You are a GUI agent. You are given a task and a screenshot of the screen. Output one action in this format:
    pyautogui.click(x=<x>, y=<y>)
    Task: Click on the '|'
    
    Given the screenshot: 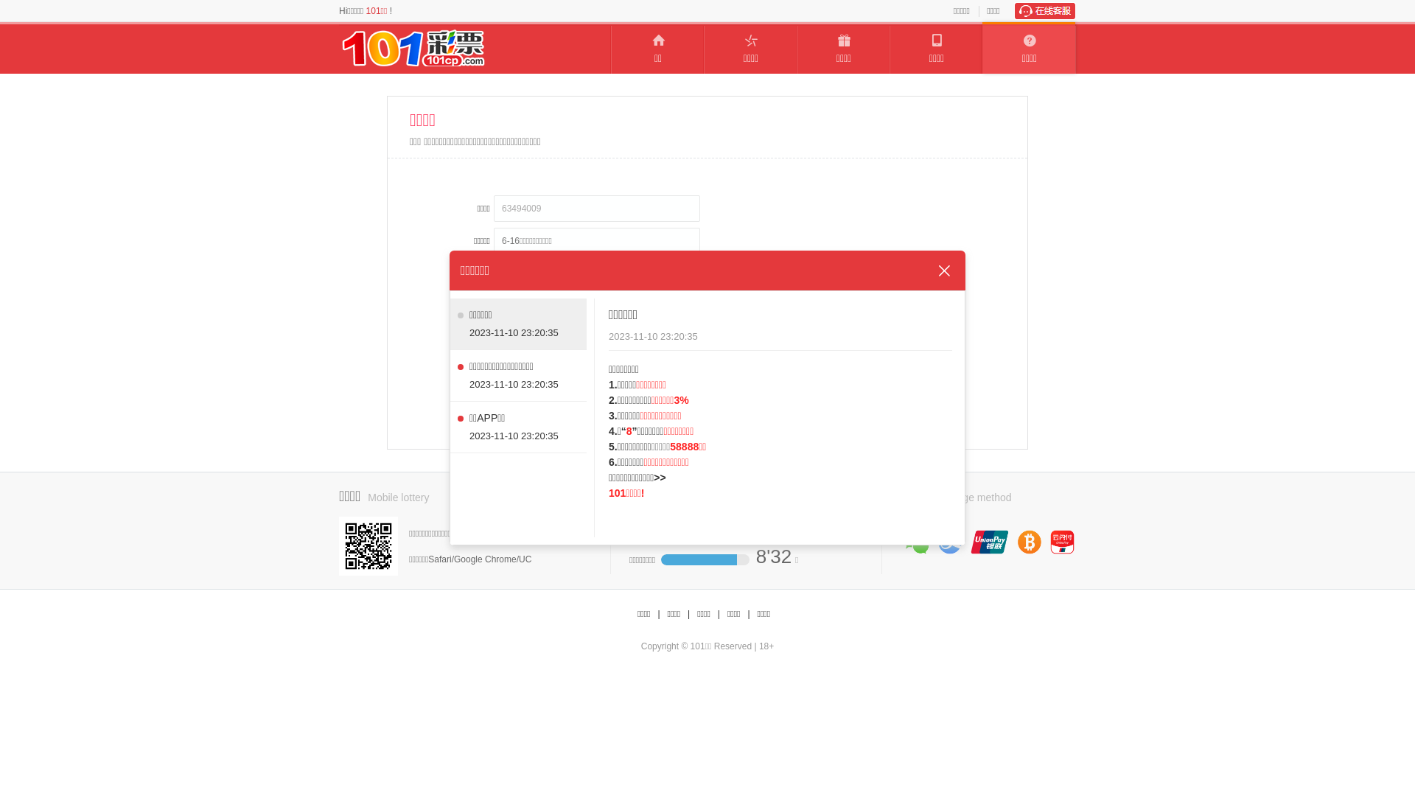 What is the action you would take?
    pyautogui.click(x=688, y=614)
    